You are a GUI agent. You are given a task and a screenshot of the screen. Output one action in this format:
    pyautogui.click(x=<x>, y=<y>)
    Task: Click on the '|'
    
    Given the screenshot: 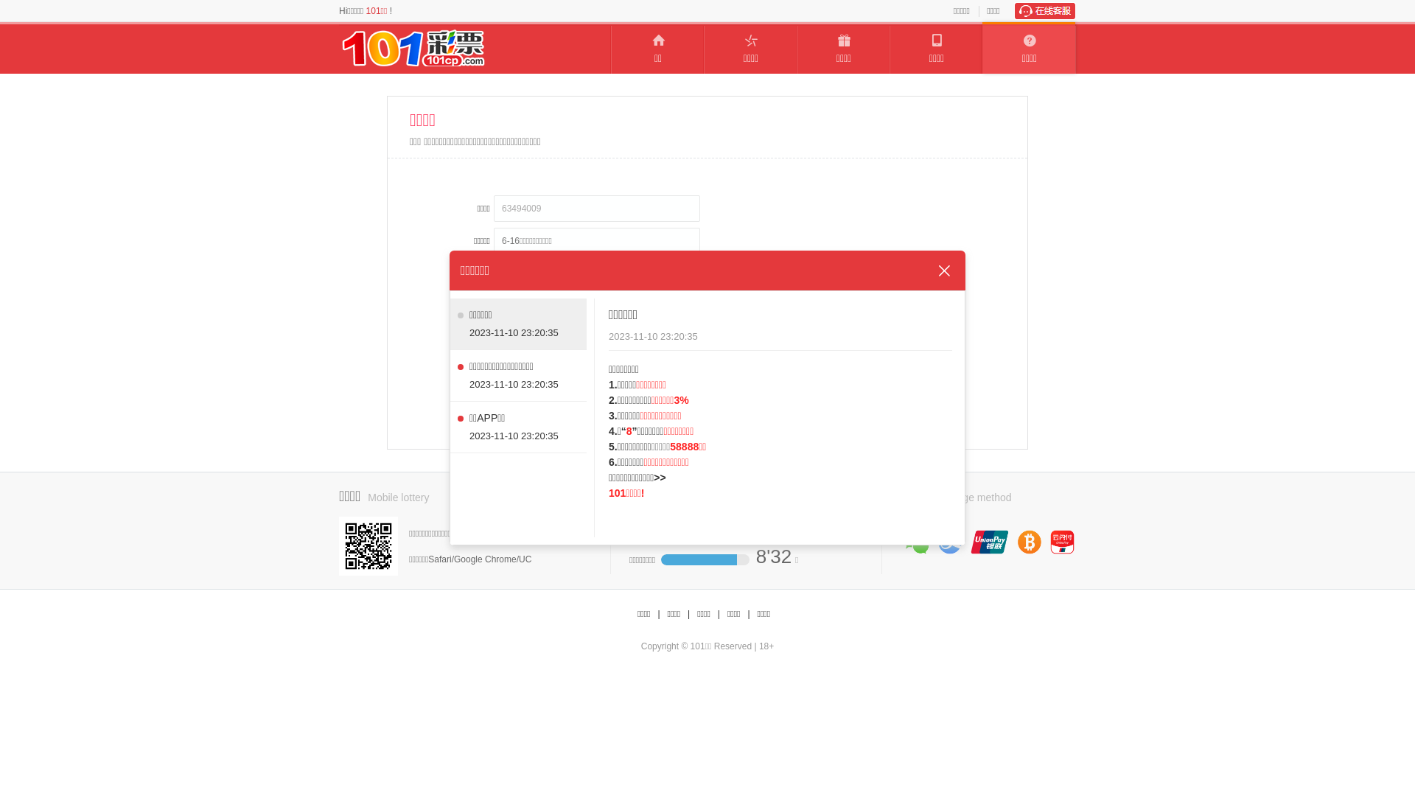 What is the action you would take?
    pyautogui.click(x=688, y=614)
    